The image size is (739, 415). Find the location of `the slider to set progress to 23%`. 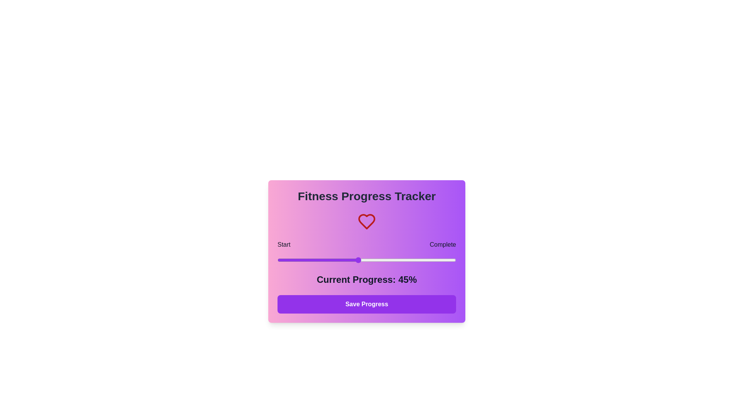

the slider to set progress to 23% is located at coordinates (318, 260).